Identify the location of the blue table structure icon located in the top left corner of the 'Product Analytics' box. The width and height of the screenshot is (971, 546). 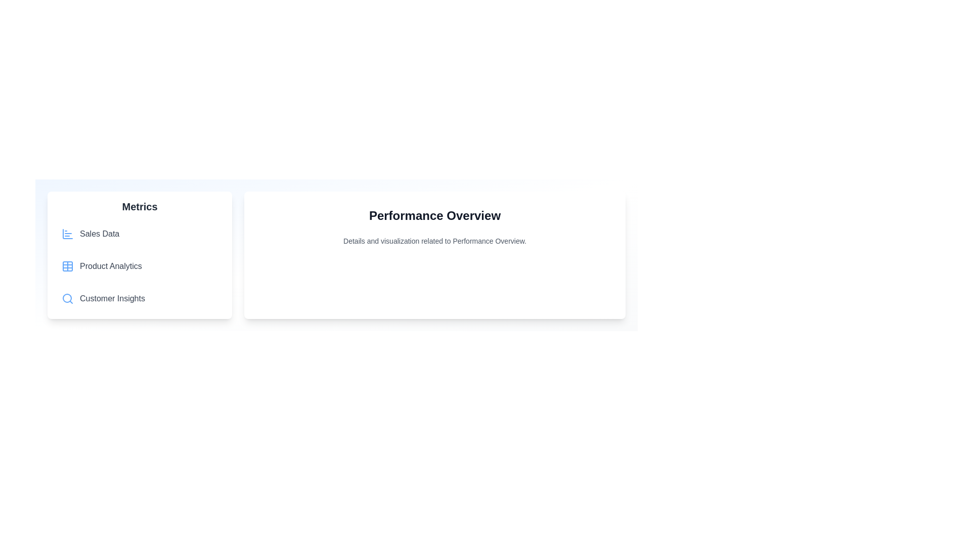
(67, 266).